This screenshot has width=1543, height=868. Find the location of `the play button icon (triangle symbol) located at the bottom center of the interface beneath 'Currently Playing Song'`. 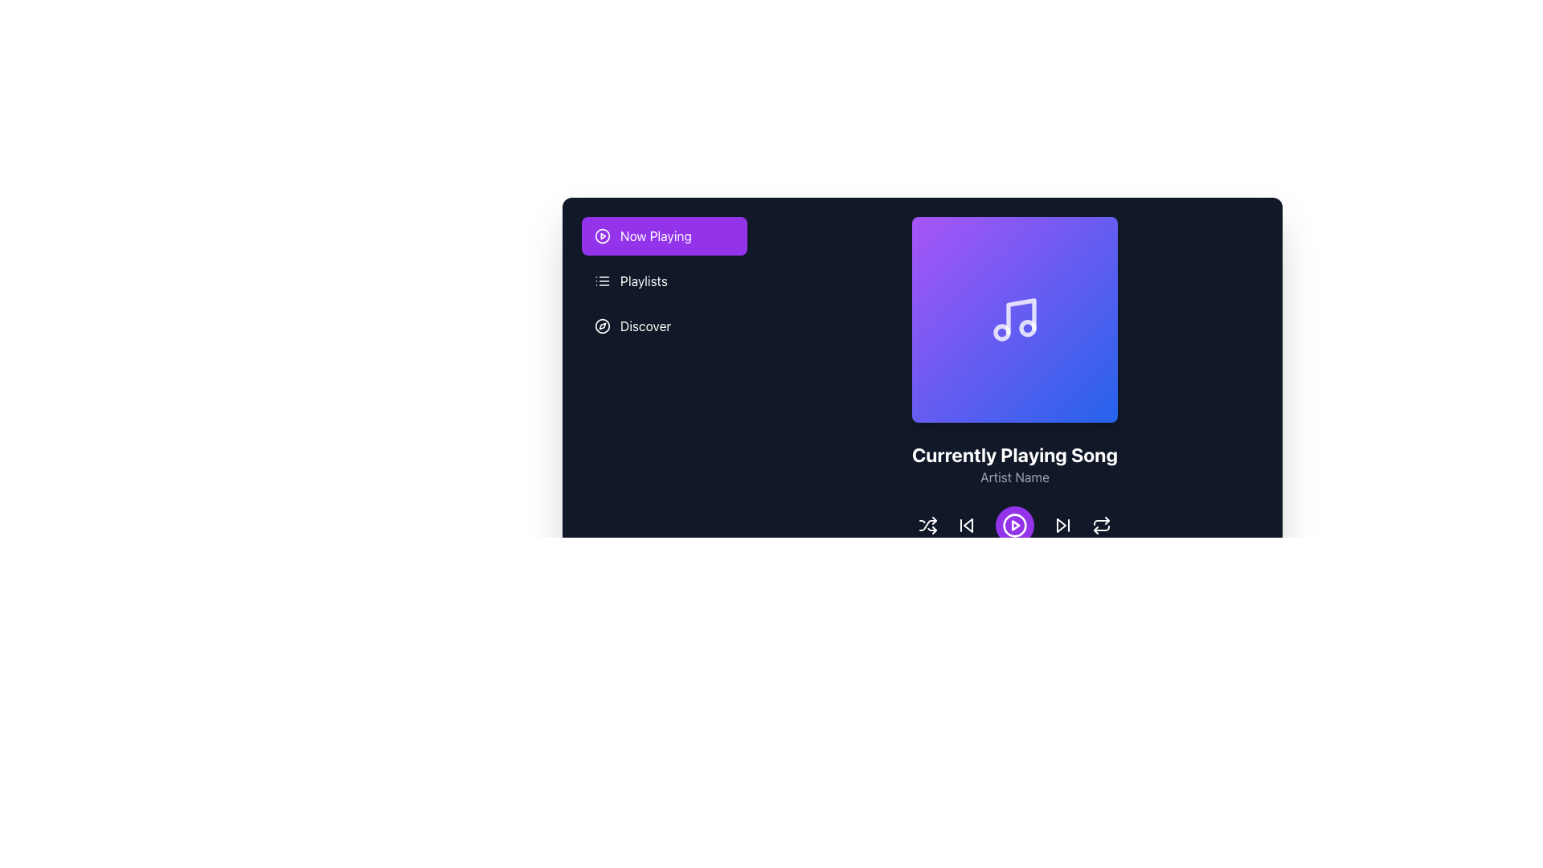

the play button icon (triangle symbol) located at the bottom center of the interface beneath 'Currently Playing Song' is located at coordinates (1015, 526).